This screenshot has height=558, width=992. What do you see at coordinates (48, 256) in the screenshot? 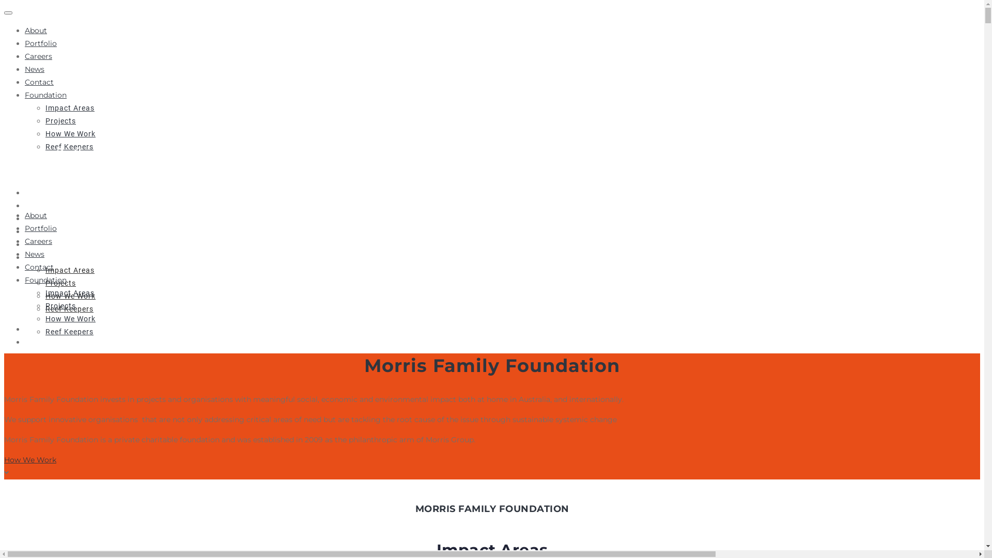
I see `'Foundation'` at bounding box center [48, 256].